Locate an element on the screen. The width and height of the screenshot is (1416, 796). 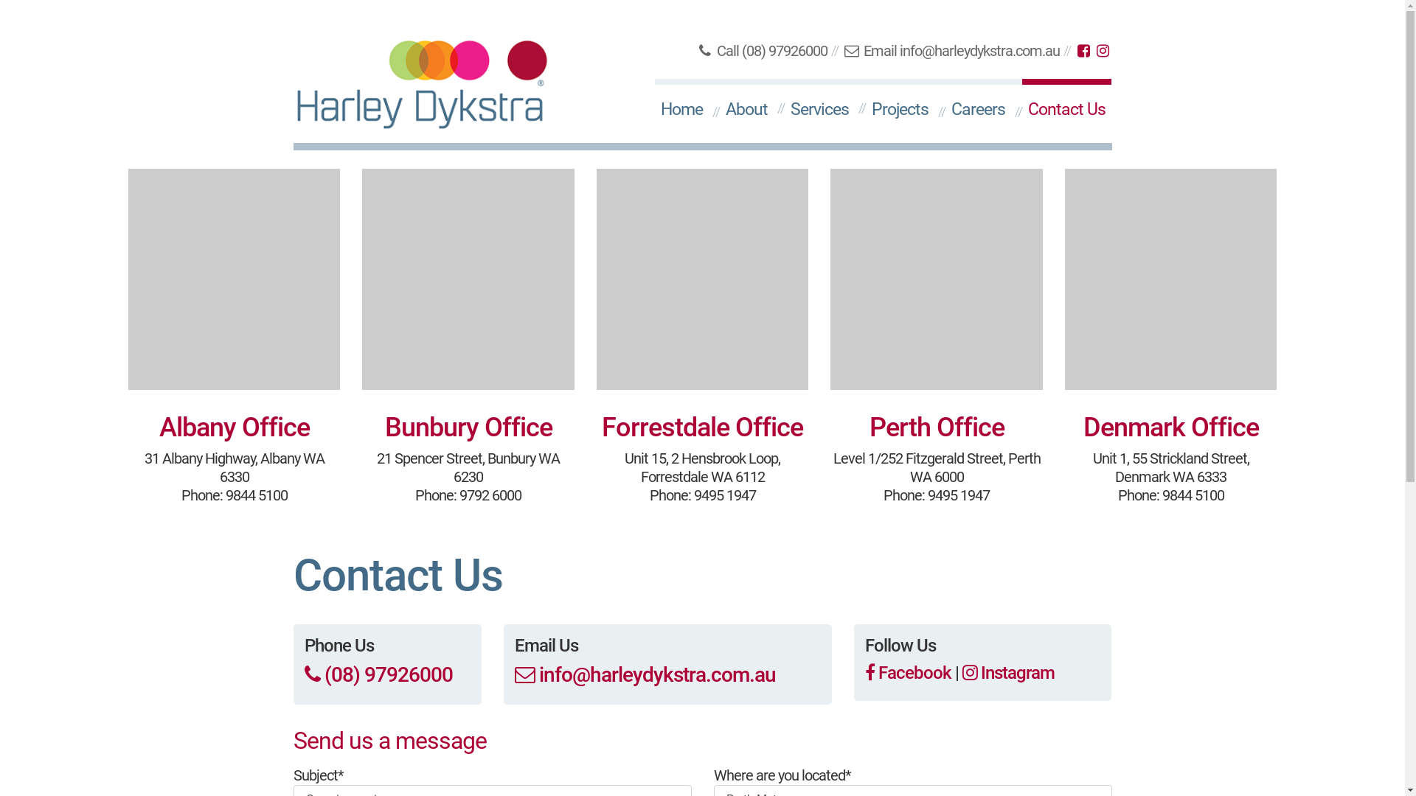
'info@harleydykstra.com.au' is located at coordinates (645, 674).